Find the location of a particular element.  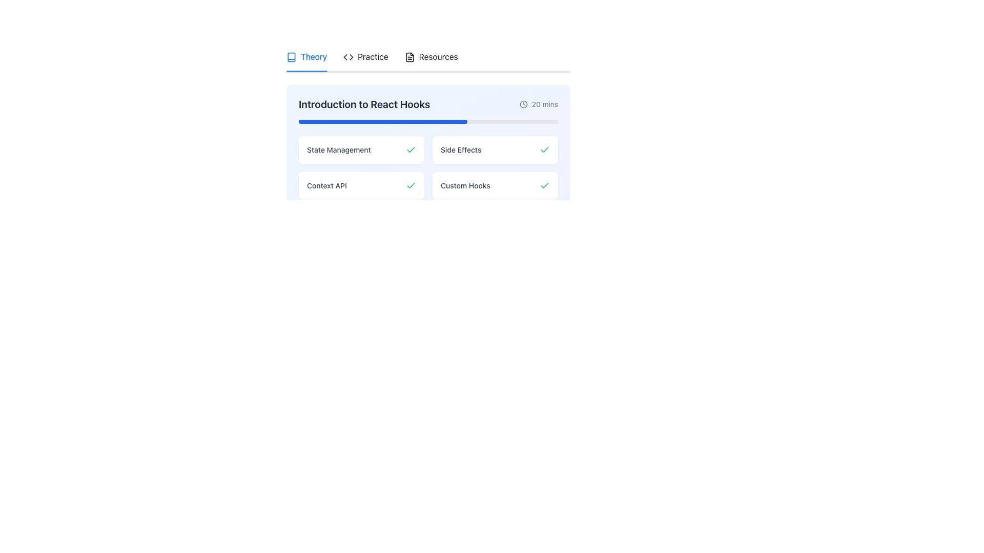

the green check icon located to the right of the 'Context API' text, which is styled with a modern, minimalistic design and enclosed within a transparent square is located at coordinates (411, 185).